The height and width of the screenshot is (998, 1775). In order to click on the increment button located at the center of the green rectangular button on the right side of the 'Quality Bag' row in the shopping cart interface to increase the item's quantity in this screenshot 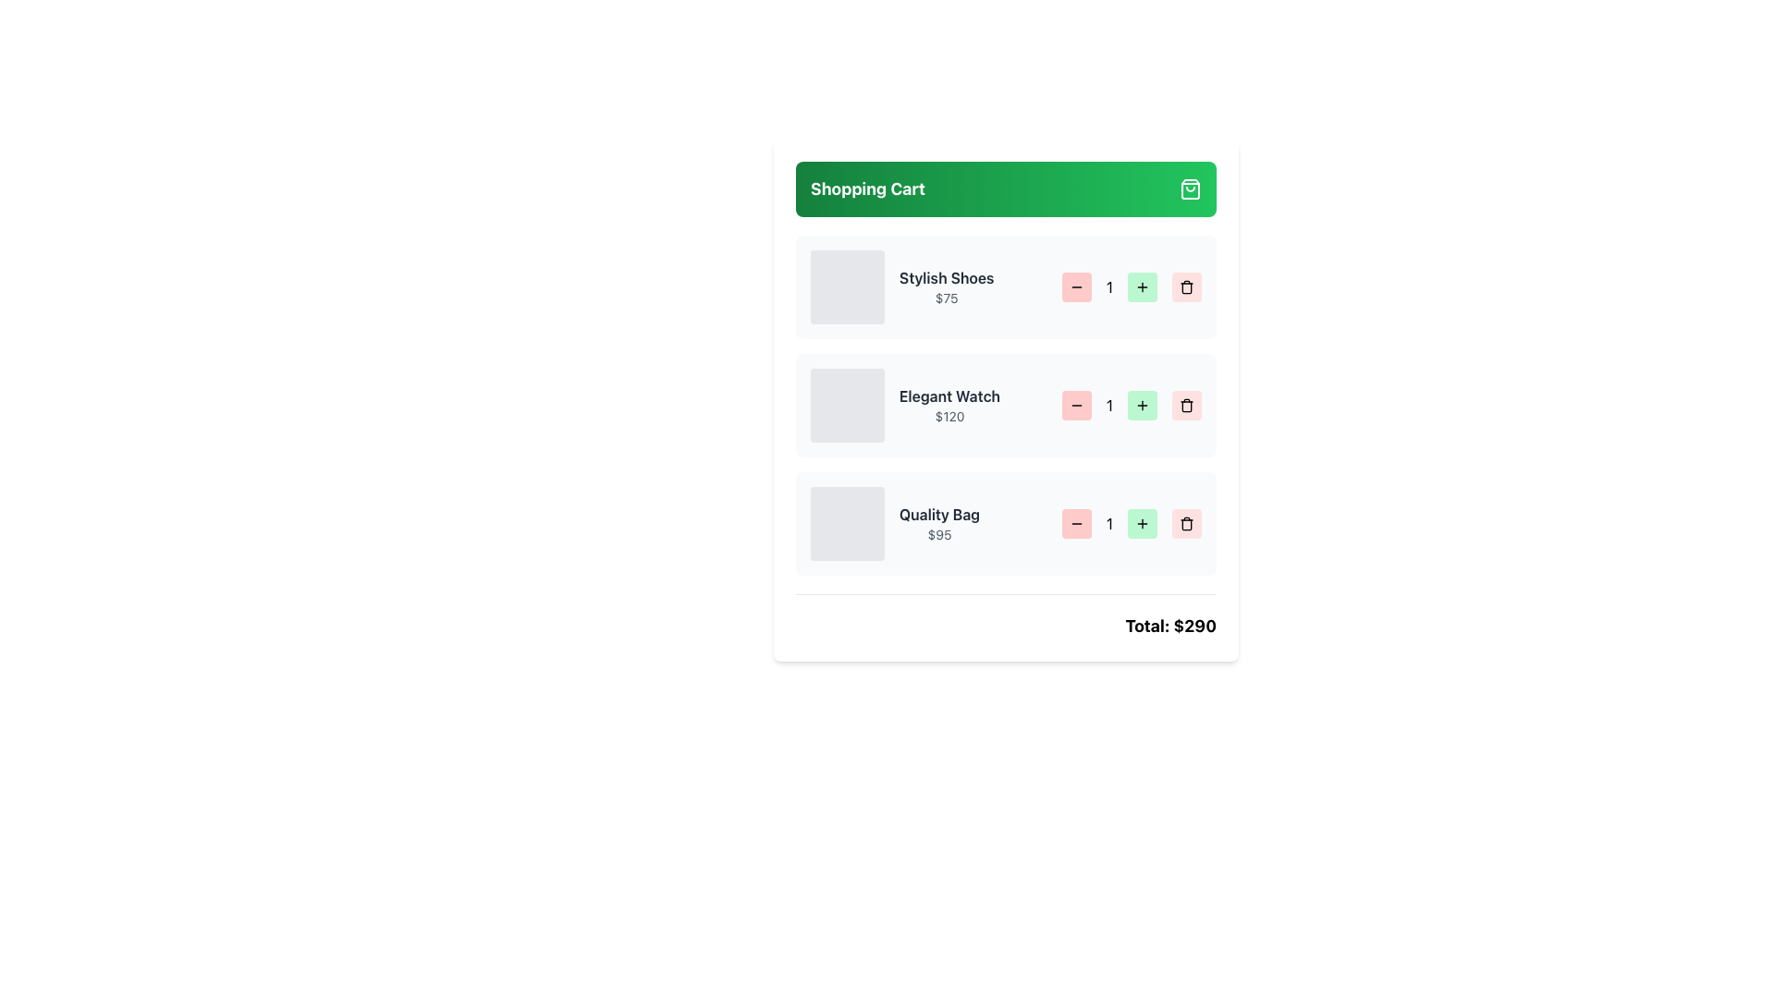, I will do `click(1142, 524)`.